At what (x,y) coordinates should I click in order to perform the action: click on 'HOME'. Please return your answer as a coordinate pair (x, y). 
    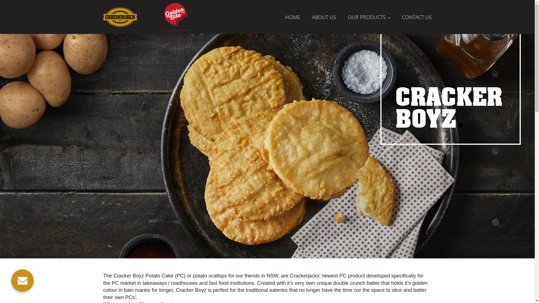
    Looking at the image, I should click on (292, 17).